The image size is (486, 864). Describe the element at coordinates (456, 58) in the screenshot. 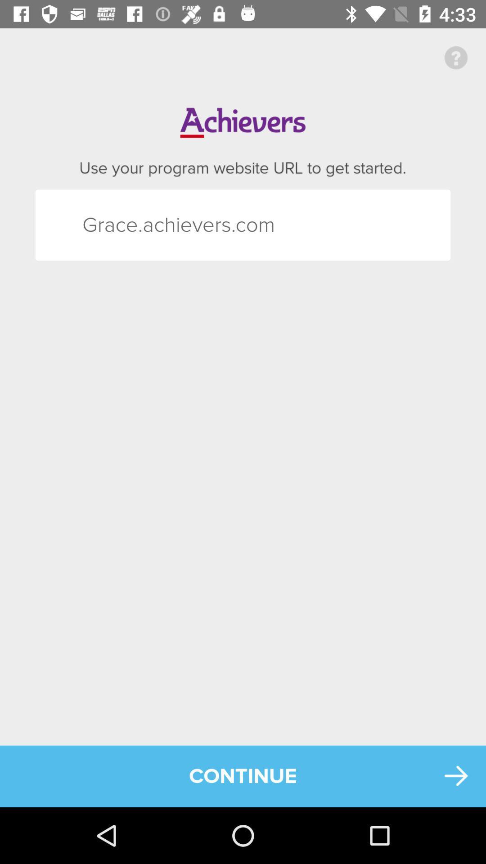

I see `the icon above the continue item` at that location.